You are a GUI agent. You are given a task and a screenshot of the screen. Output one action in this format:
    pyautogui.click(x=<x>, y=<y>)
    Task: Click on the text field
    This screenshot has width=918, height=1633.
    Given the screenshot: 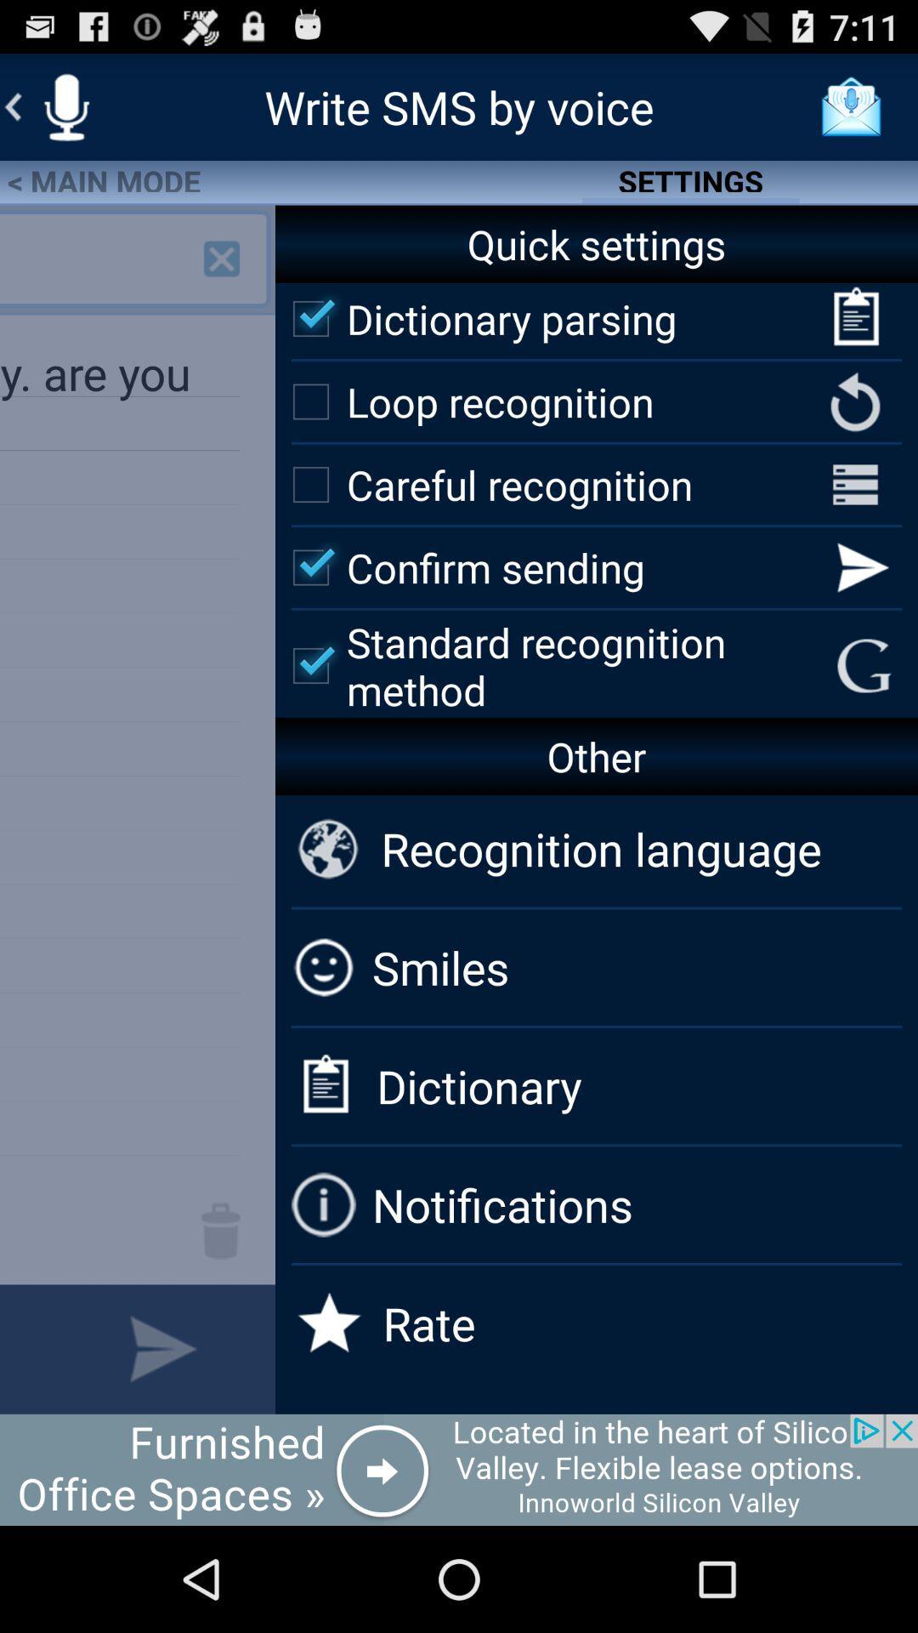 What is the action you would take?
    pyautogui.click(x=25, y=1348)
    